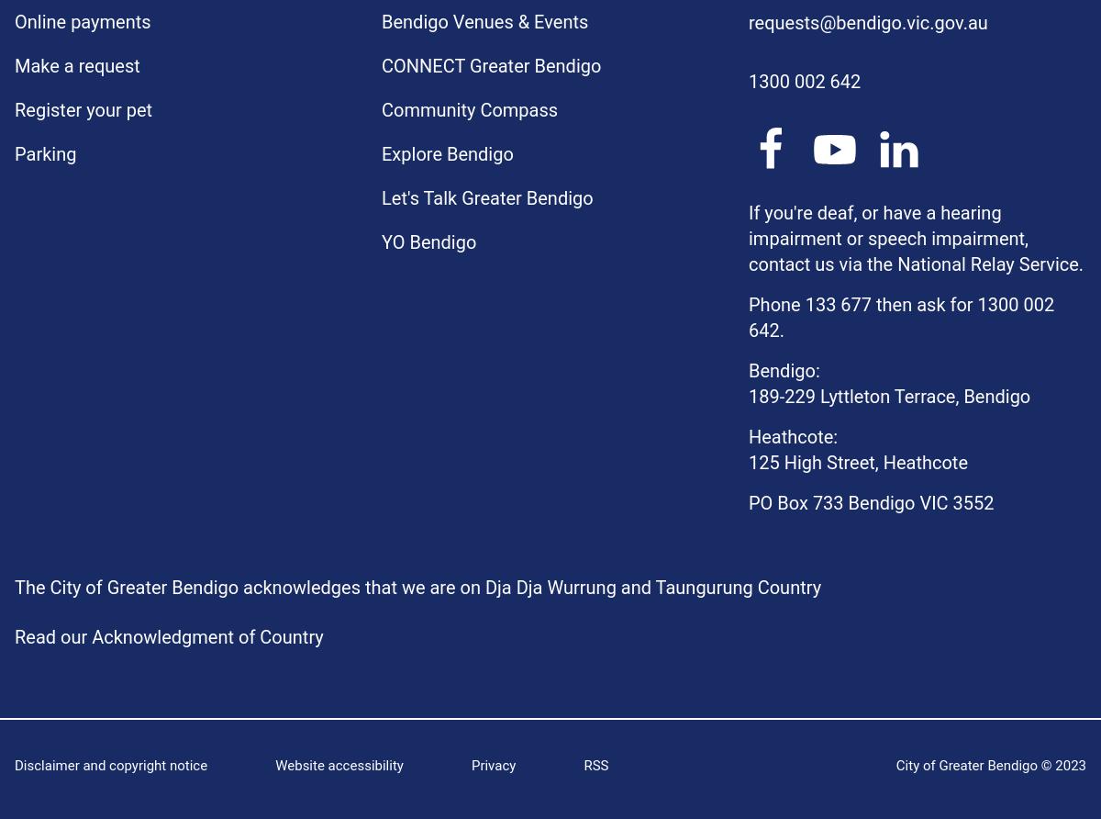  I want to click on 'Bendigo Venues & Events', so click(484, 21).